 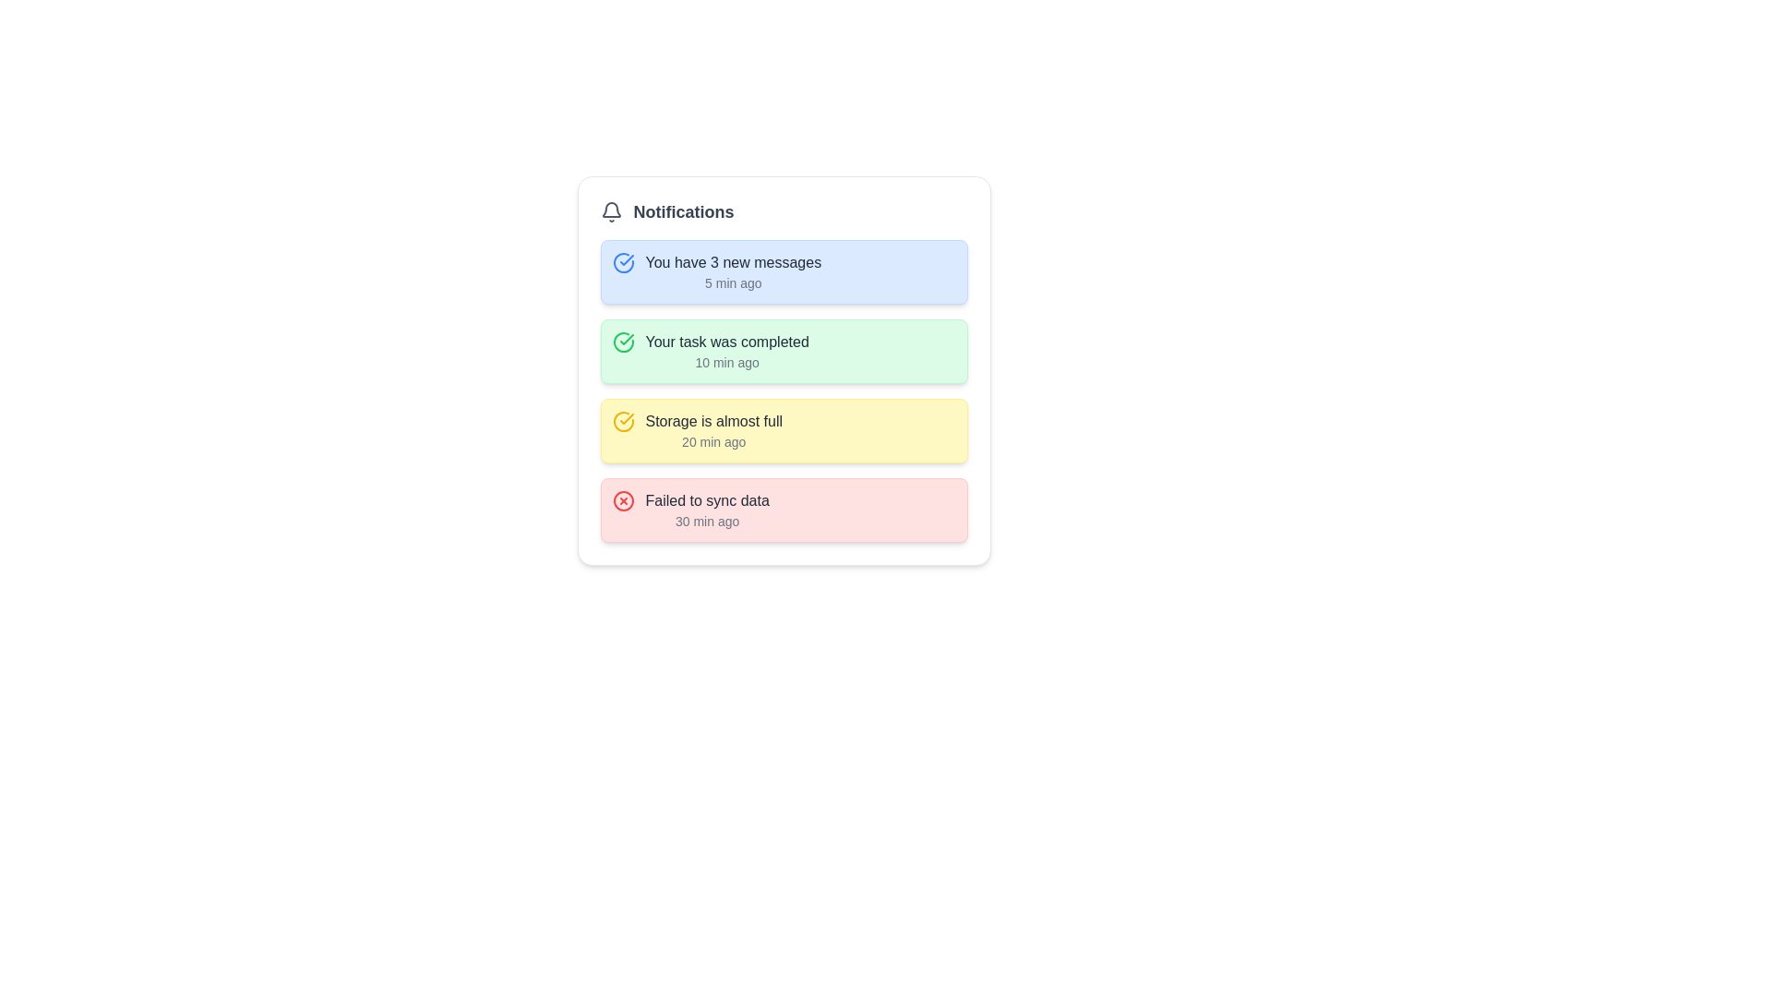 I want to click on the error icon located in the 'Failed to sync data' notification at the bottom of the notification list, which is indicated by a red color, so click(x=623, y=501).